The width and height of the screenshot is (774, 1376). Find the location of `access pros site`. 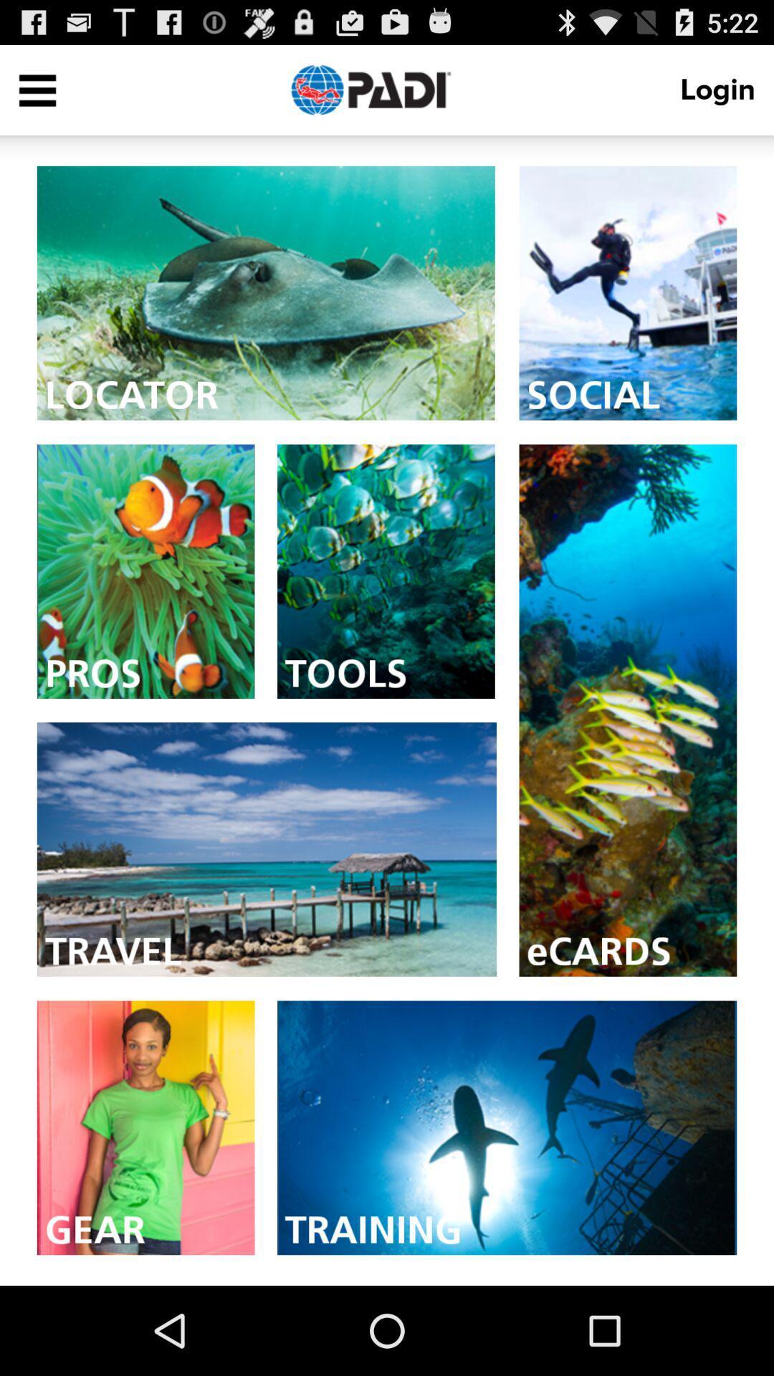

access pros site is located at coordinates (145, 570).